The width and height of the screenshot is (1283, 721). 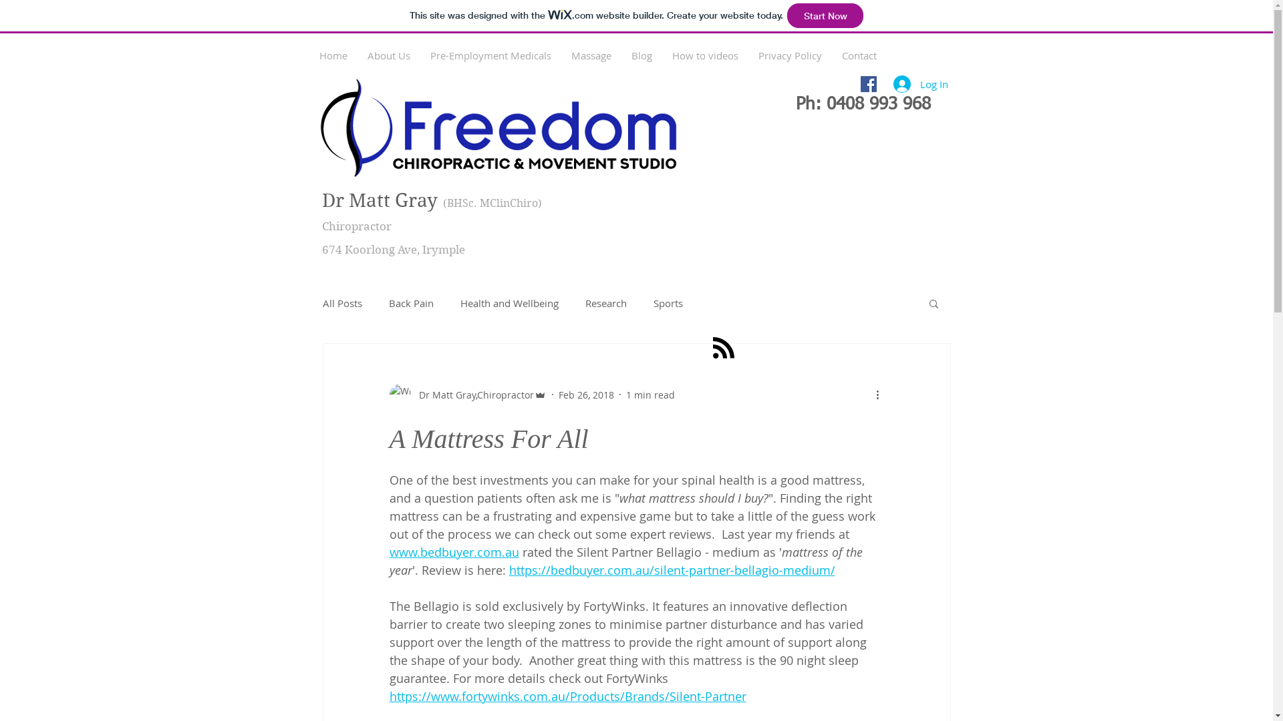 I want to click on 'Massage', so click(x=590, y=55).